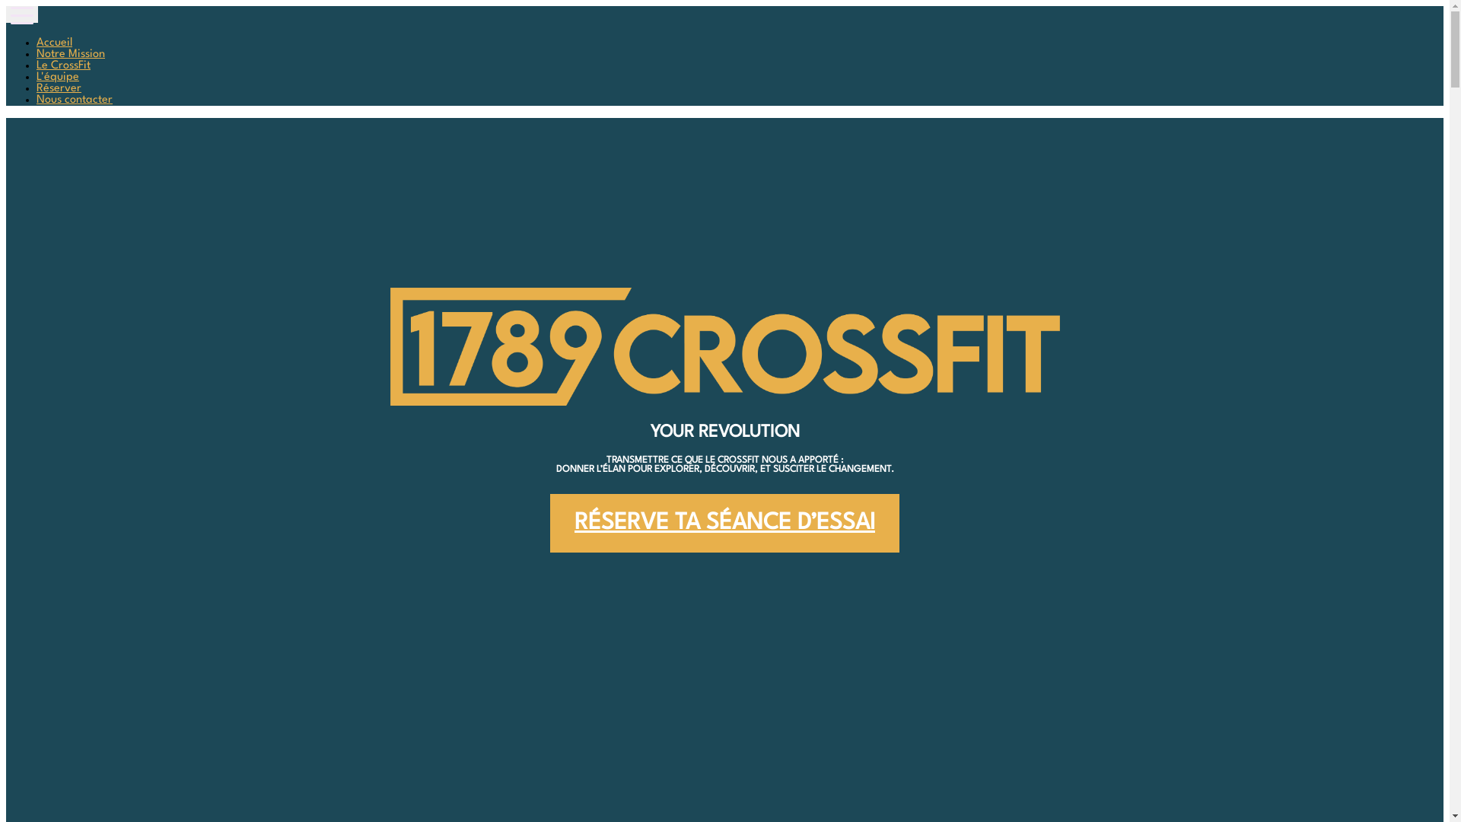 This screenshot has width=1461, height=822. Describe the element at coordinates (69, 53) in the screenshot. I see `'Notre Mission'` at that location.